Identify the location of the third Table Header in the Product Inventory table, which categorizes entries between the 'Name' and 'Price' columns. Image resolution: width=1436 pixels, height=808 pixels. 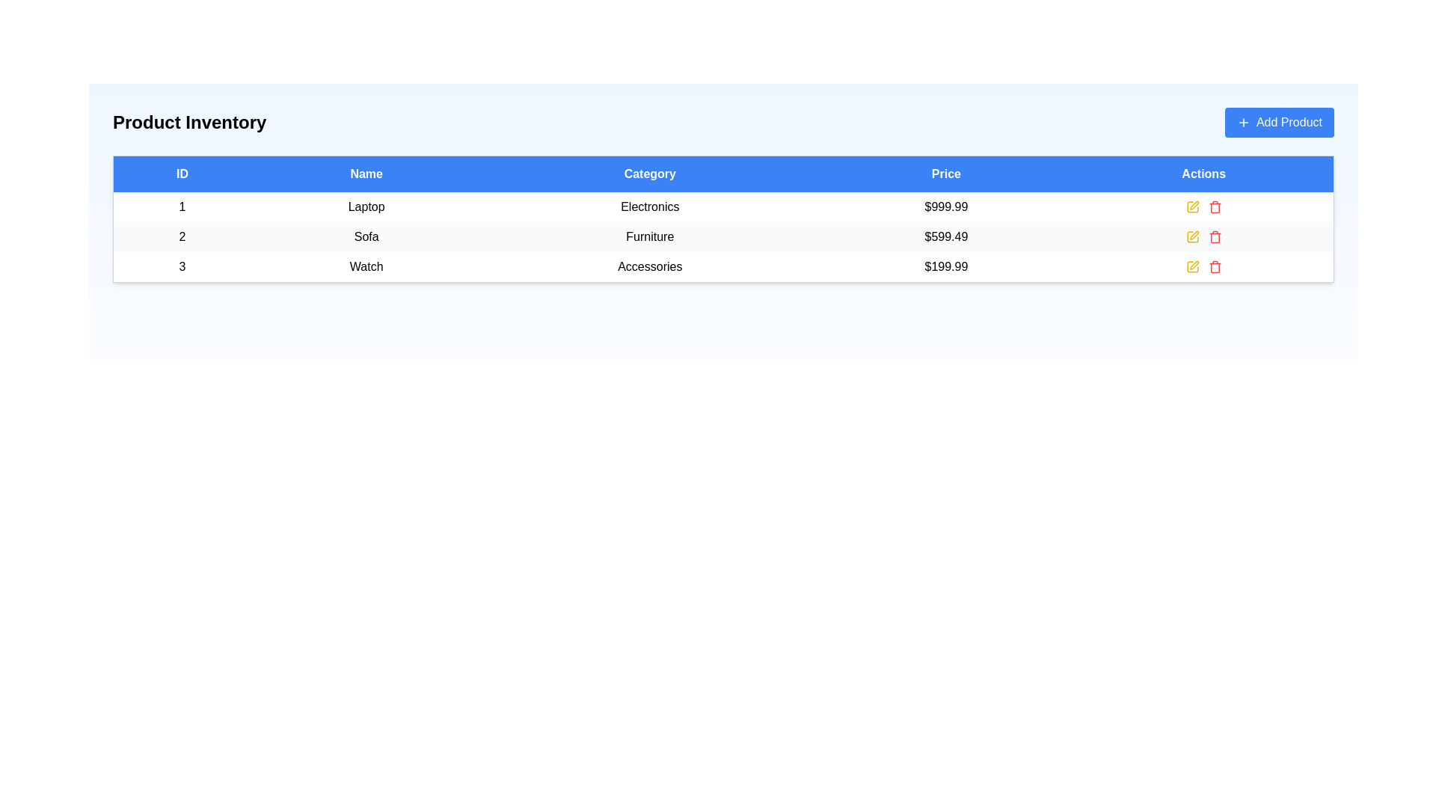
(650, 173).